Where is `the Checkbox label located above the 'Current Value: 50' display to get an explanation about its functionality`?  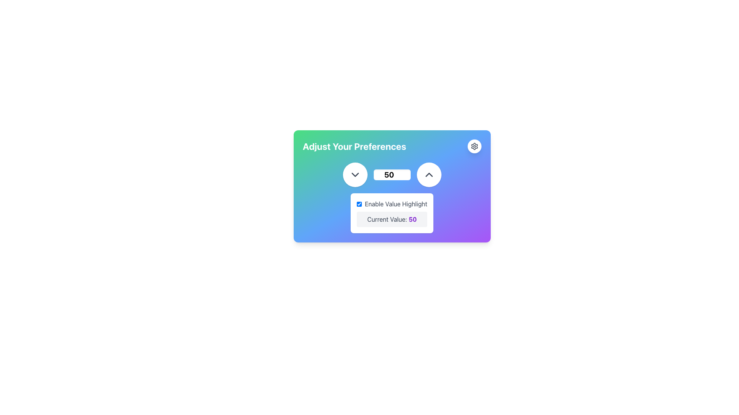 the Checkbox label located above the 'Current Value: 50' display to get an explanation about its functionality is located at coordinates (392, 204).